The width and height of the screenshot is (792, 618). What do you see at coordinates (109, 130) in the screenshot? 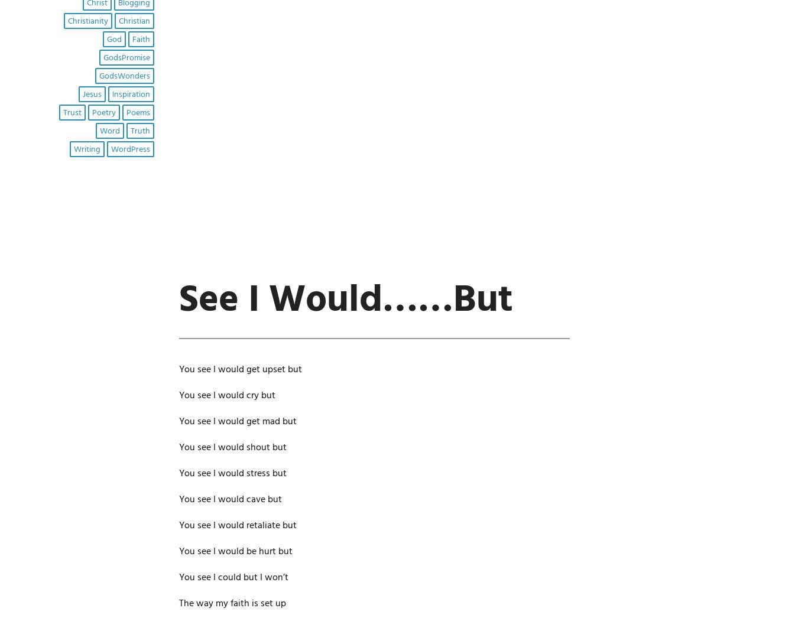
I see `'Word'` at bounding box center [109, 130].